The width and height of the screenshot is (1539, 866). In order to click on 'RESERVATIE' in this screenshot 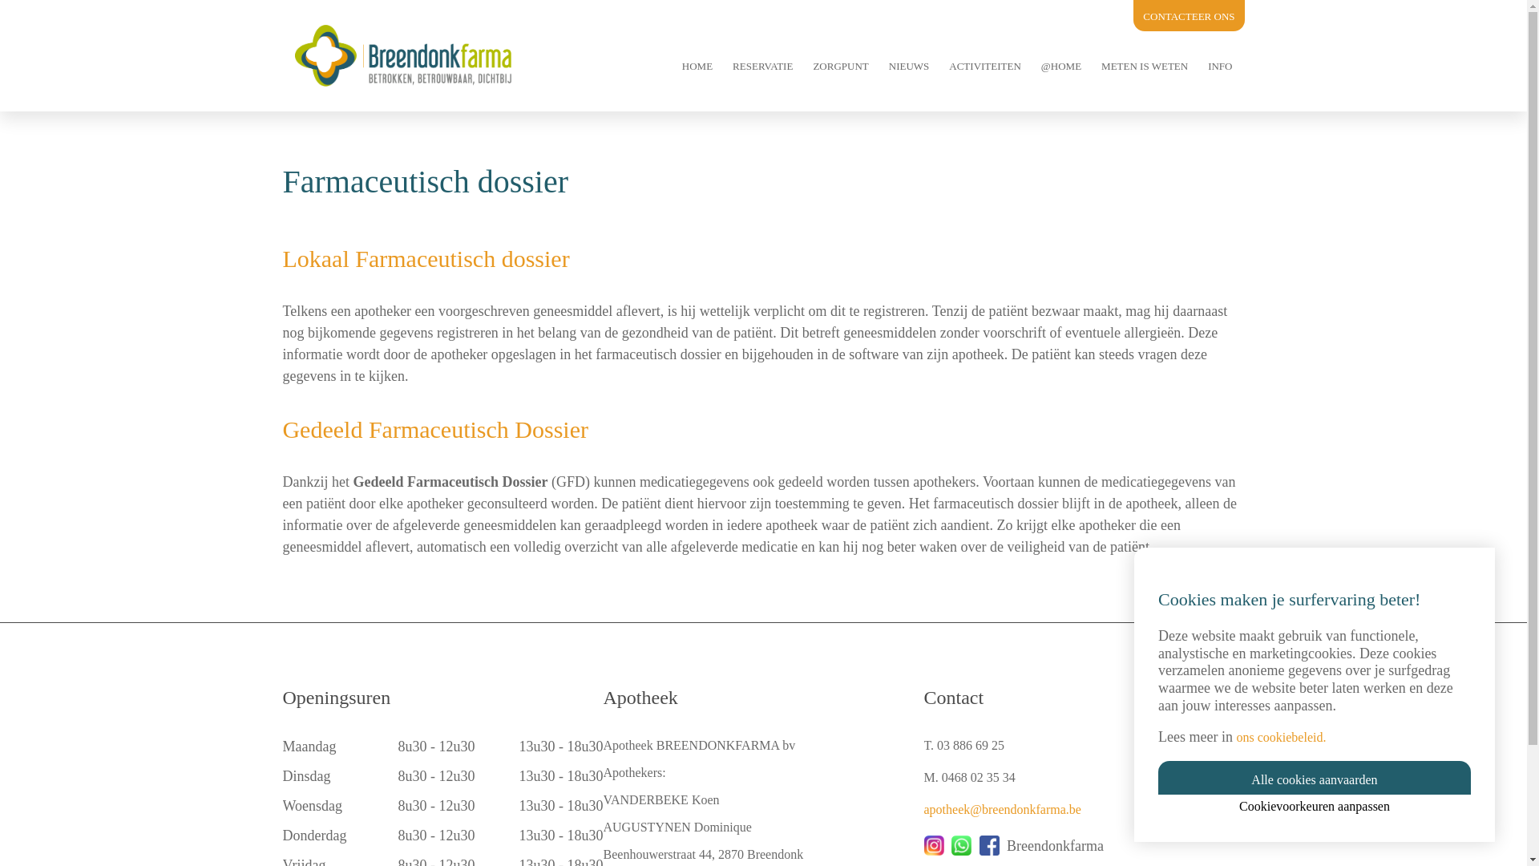, I will do `click(761, 64)`.